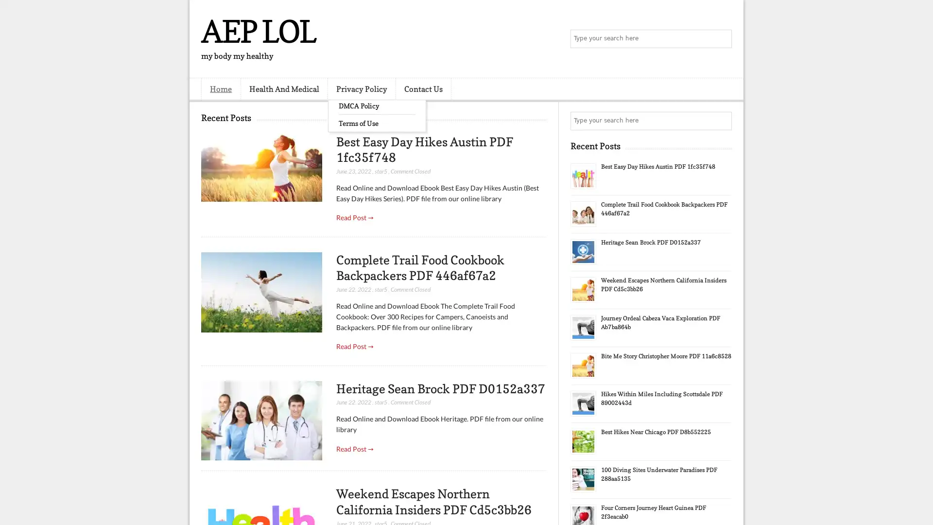 The width and height of the screenshot is (933, 525). I want to click on Search, so click(722, 39).